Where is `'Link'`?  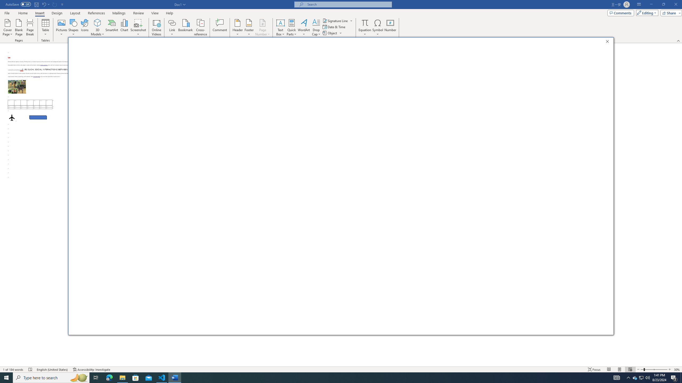 'Link' is located at coordinates (172, 27).